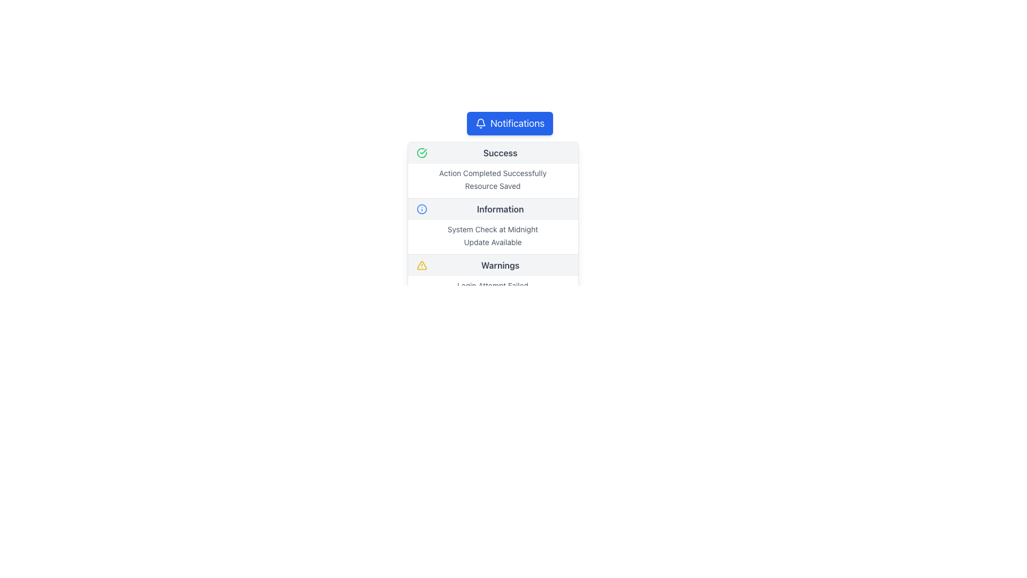 The image size is (1027, 578). Describe the element at coordinates (421, 153) in the screenshot. I see `the circular checkmark icon on the left side of the 'Success' section in the notification component, which indicates a positive status` at that location.